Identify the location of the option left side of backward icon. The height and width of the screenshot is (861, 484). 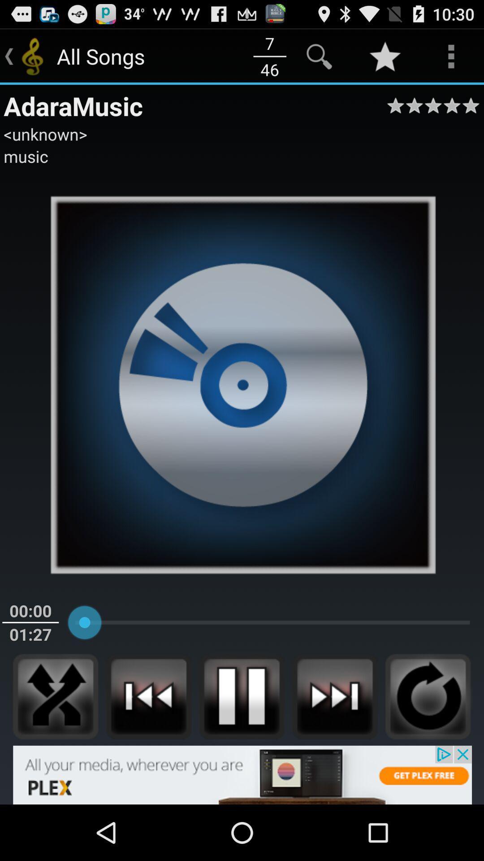
(55, 696).